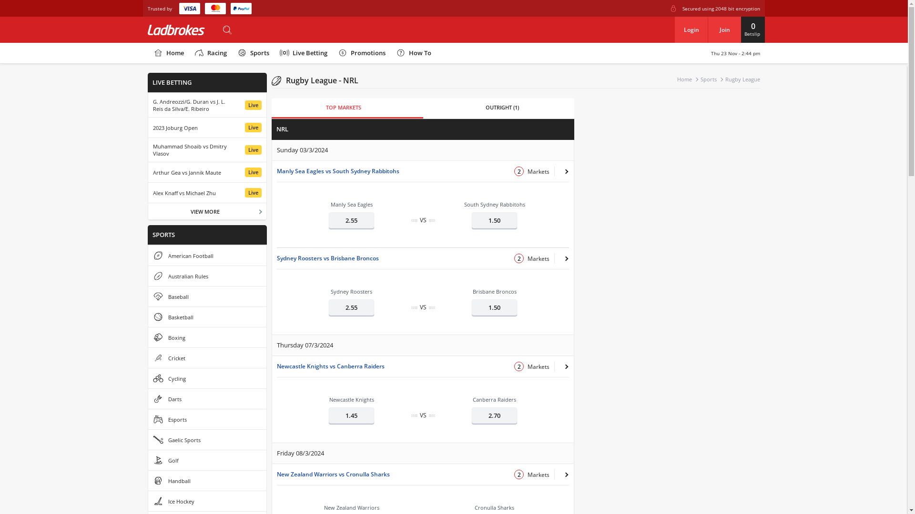 This screenshot has width=915, height=514. I want to click on '2.70', so click(471, 415).